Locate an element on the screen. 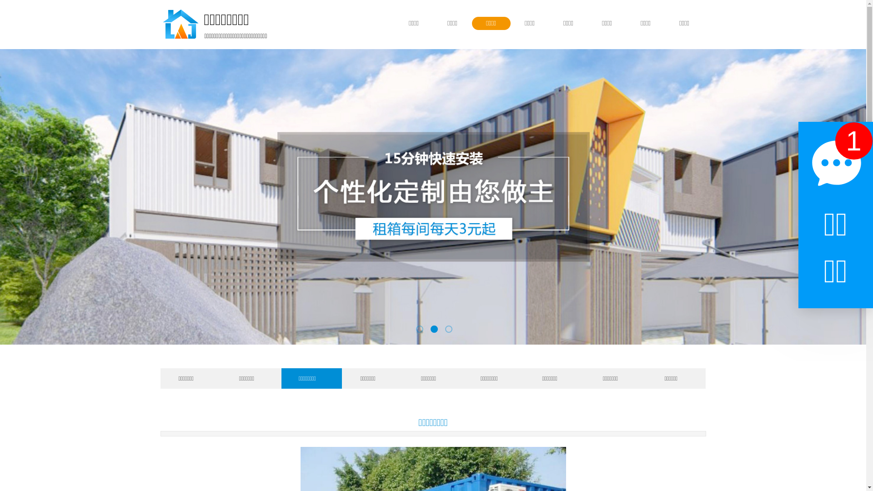 This screenshot has width=873, height=491. '1' is located at coordinates (853, 140).